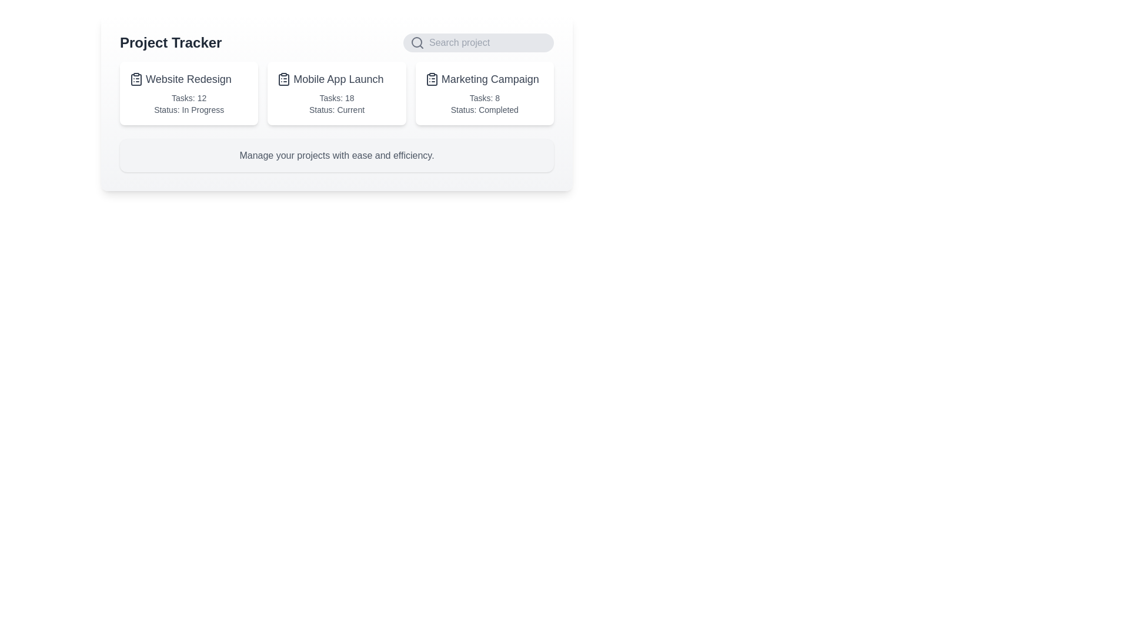 The width and height of the screenshot is (1129, 635). Describe the element at coordinates (336, 102) in the screenshot. I see `displayed text from the central Informational card in the project list section, which shows project details such as 'Tasks: 18' and 'Status: Current'` at that location.